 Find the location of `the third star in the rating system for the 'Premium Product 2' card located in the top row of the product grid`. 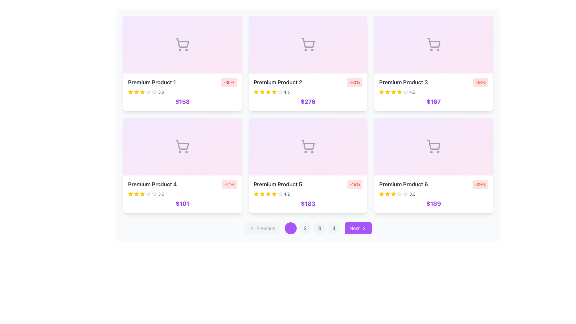

the third star in the rating system for the 'Premium Product 2' card located in the top row of the product grid is located at coordinates (262, 92).